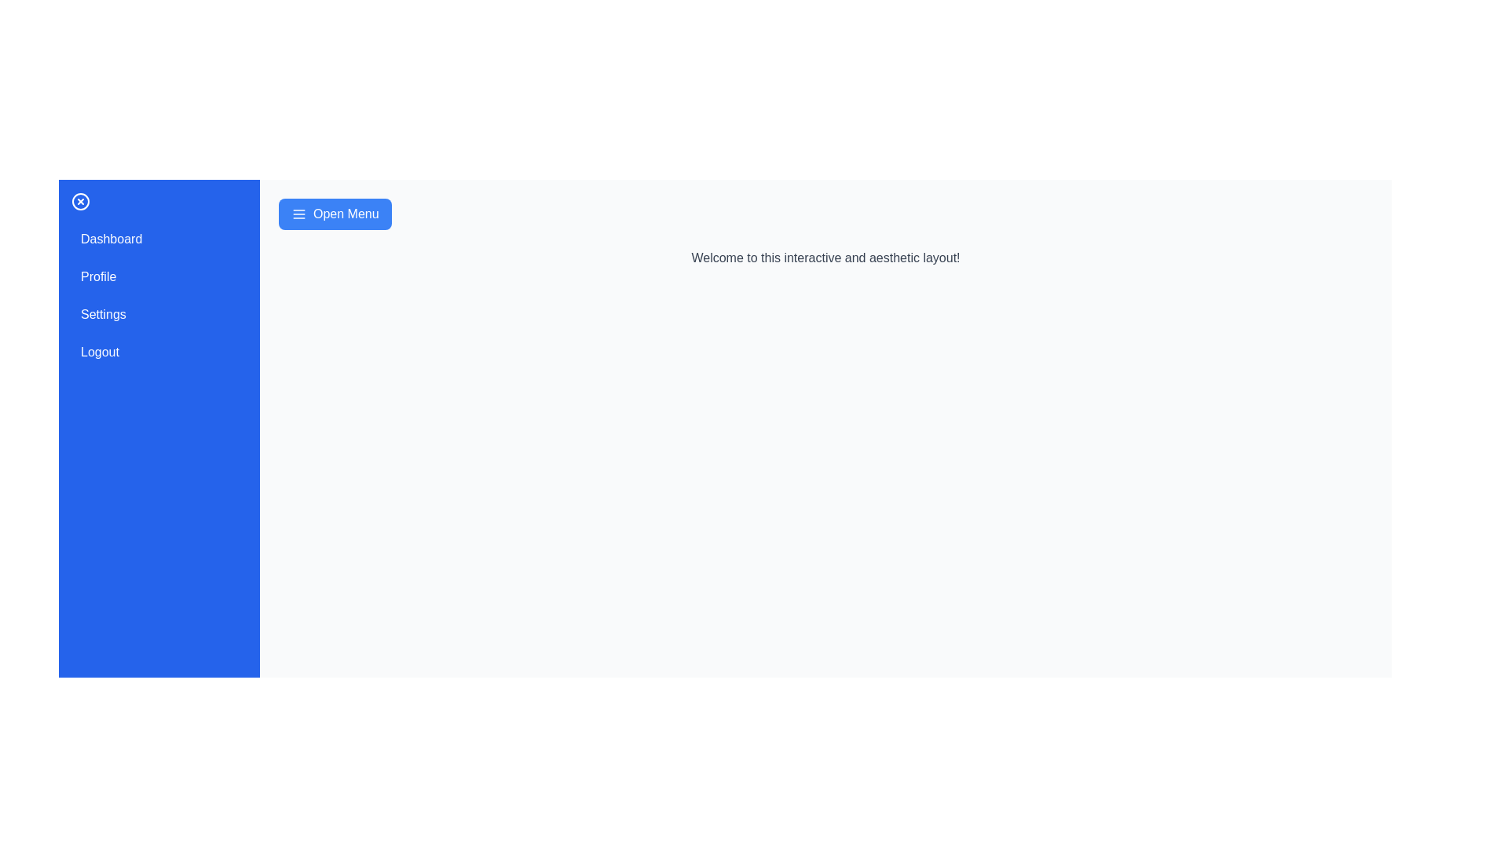 This screenshot has height=848, width=1508. Describe the element at coordinates (334, 214) in the screenshot. I see `the 'Open Menu' button to toggle the drawer` at that location.